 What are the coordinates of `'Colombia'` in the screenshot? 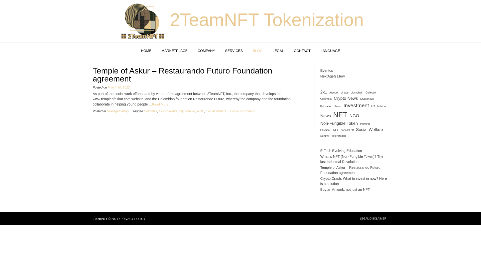 It's located at (150, 111).